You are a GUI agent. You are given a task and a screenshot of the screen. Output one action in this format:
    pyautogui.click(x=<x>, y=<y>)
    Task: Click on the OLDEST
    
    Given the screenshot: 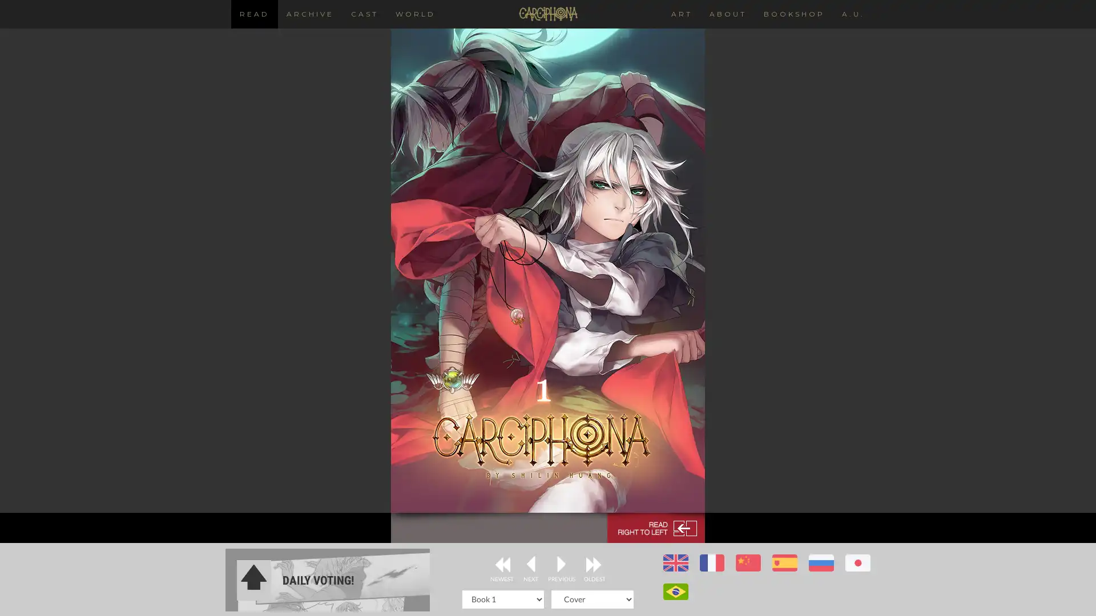 What is the action you would take?
    pyautogui.click(x=594, y=565)
    